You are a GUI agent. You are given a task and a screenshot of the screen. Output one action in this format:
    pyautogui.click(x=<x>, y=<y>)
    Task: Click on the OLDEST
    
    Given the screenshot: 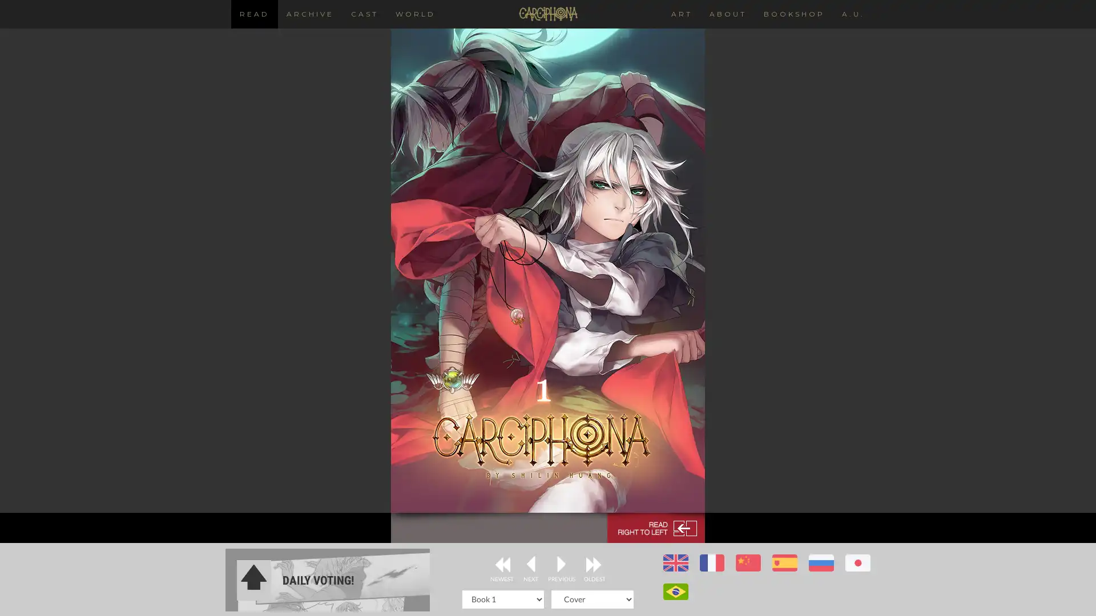 What is the action you would take?
    pyautogui.click(x=594, y=565)
    